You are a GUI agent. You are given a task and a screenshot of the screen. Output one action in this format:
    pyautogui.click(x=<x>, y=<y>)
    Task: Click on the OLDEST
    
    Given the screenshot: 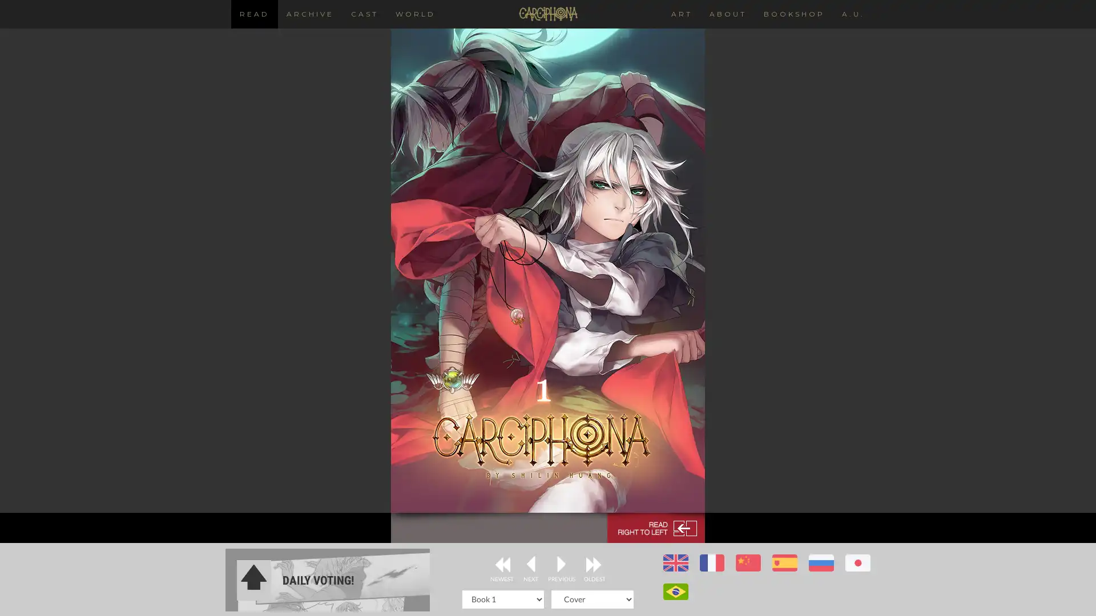 What is the action you would take?
    pyautogui.click(x=594, y=565)
    